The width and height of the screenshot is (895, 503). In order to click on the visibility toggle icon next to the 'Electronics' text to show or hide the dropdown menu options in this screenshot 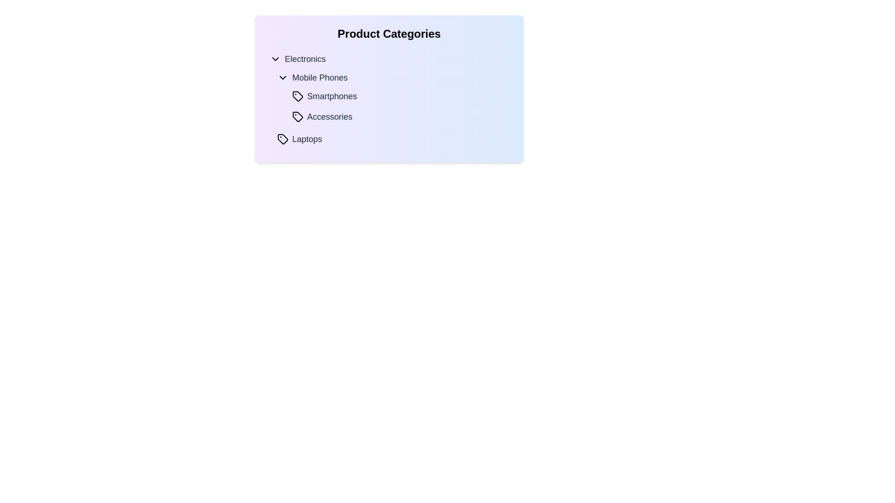, I will do `click(275, 59)`.